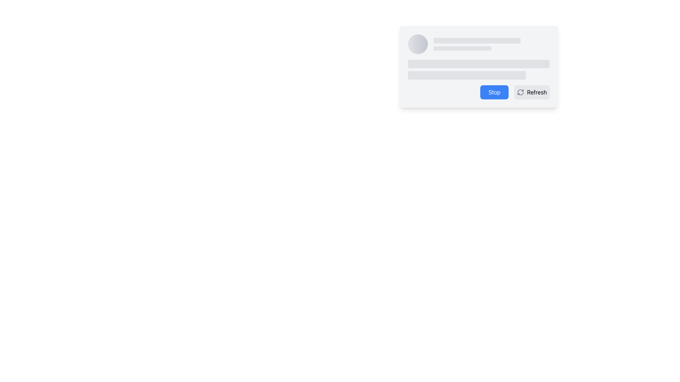  Describe the element at coordinates (521, 92) in the screenshot. I see `the circular arrow icon of the 'Refresh' button, which is located to the left within the button and to the right of the blue 'Stop' button at the bottom right of the interface` at that location.